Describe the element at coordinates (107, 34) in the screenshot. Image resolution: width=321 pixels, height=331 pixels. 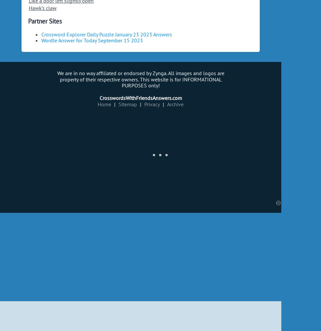
I see `'Crossword Explorer Daily Puzzle January 23 2023 Answers'` at that location.